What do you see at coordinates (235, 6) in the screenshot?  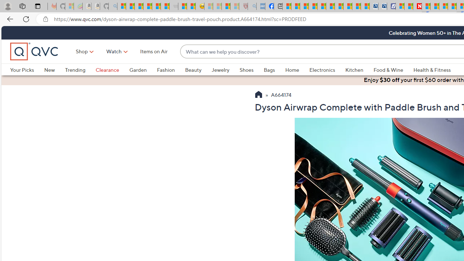 I see `'12 Popular Science Lies that Must be Corrected - Sleeping'` at bounding box center [235, 6].